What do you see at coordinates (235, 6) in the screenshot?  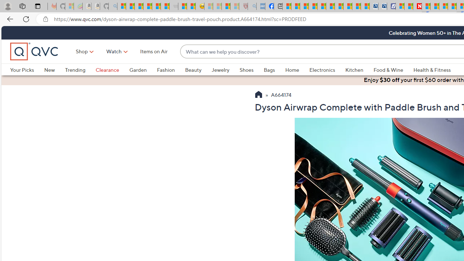 I see `'12 Popular Science Lies that Must be Corrected - Sleeping'` at bounding box center [235, 6].